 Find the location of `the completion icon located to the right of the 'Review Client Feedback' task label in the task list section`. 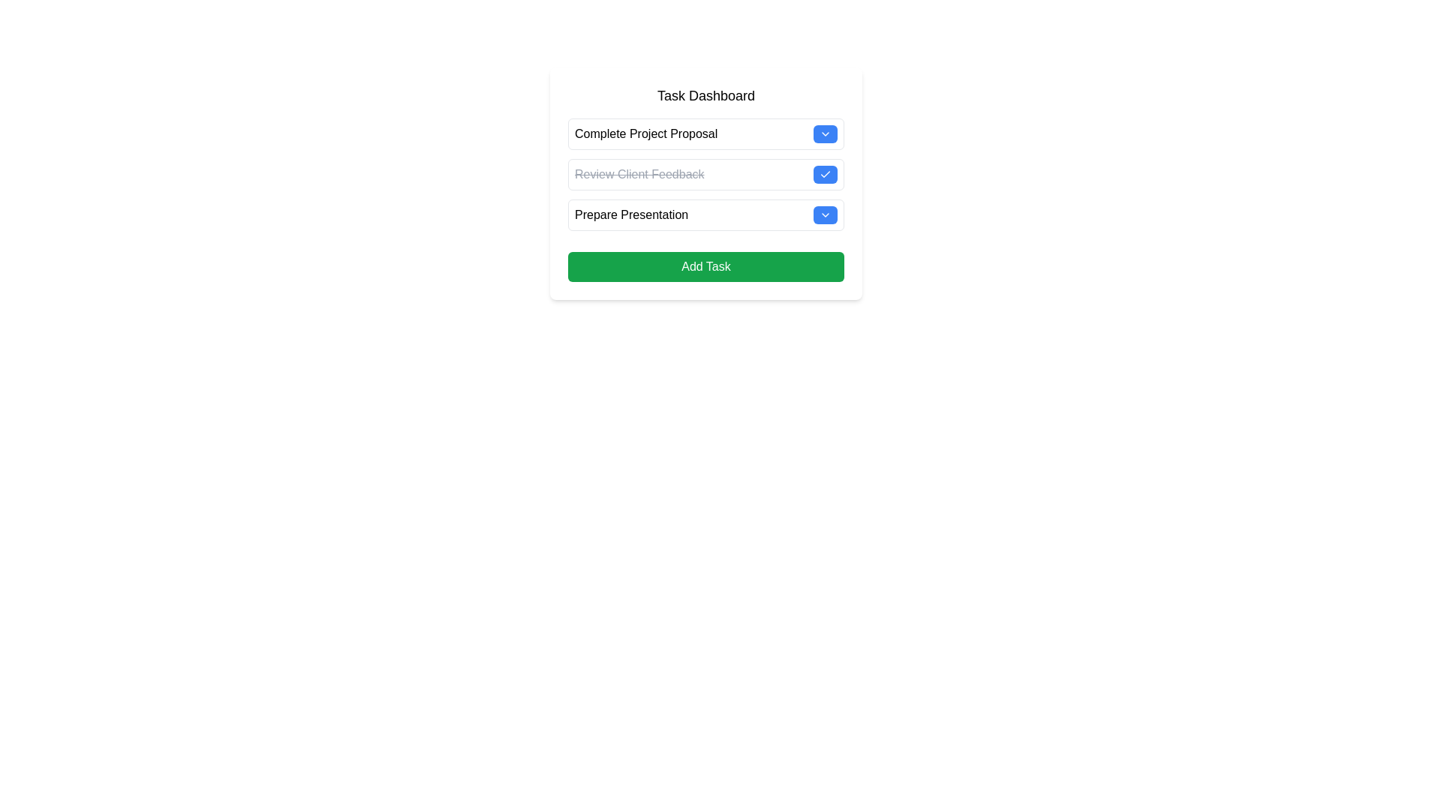

the completion icon located to the right of the 'Review Client Feedback' task label in the task list section is located at coordinates (824, 173).